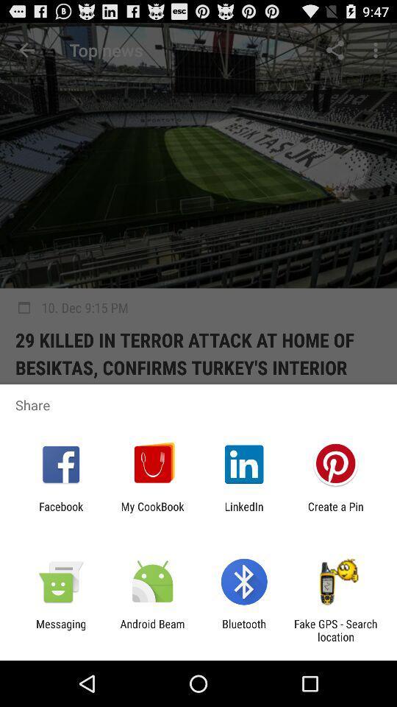 The height and width of the screenshot is (707, 397). What do you see at coordinates (335, 630) in the screenshot?
I see `item to the right of bluetooth app` at bounding box center [335, 630].